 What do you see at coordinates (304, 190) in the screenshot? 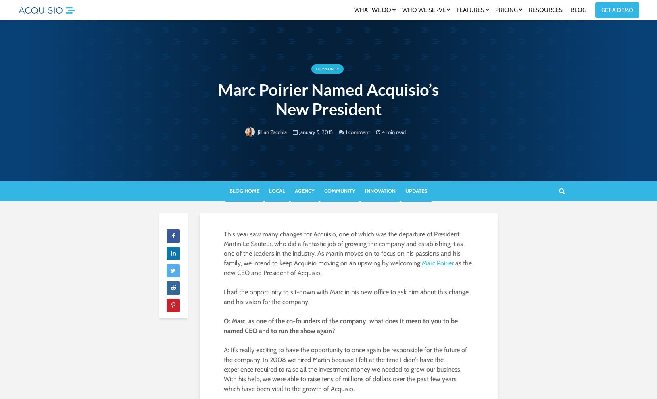
I see `'Agency'` at bounding box center [304, 190].